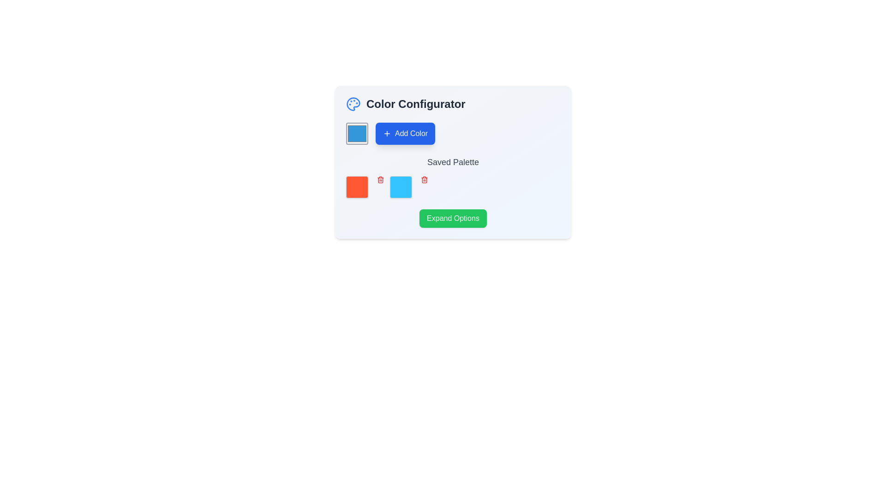 The width and height of the screenshot is (886, 498). I want to click on the decorative icon representing an artistic tool located in the upper-left corner of the 'Color Configurator' UI component, so click(353, 104).